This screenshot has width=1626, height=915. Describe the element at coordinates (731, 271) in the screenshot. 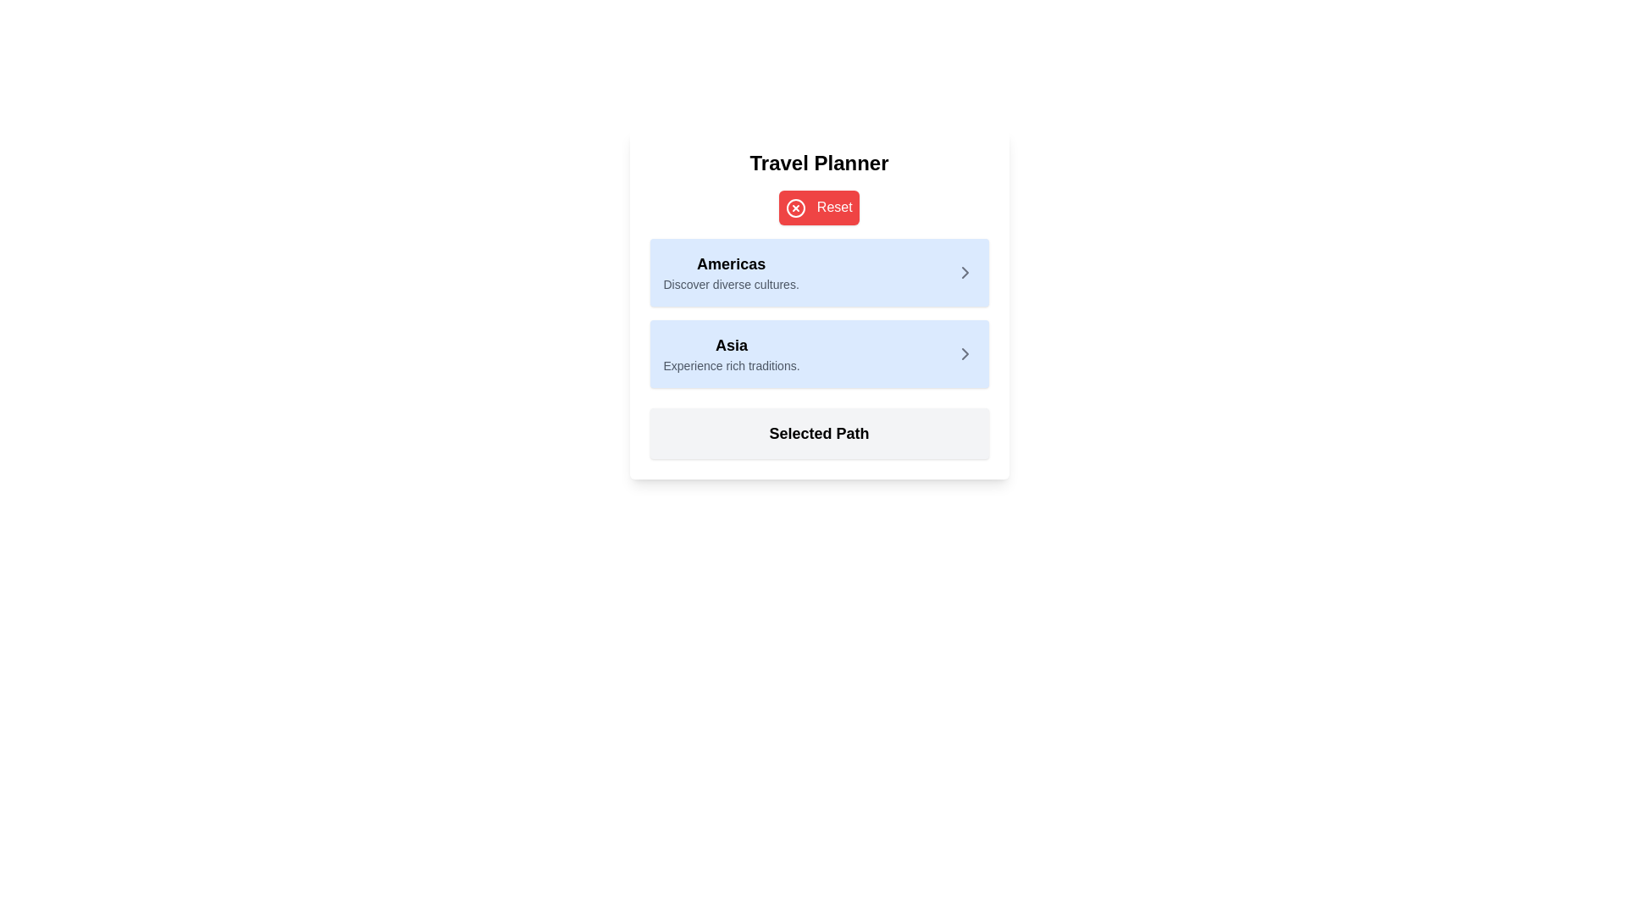

I see `the primary text block displaying 'Americas' above the subtitle 'Discover diverse cultures' located within the blue rectangular segment beneath 'Travel Planner'` at that location.